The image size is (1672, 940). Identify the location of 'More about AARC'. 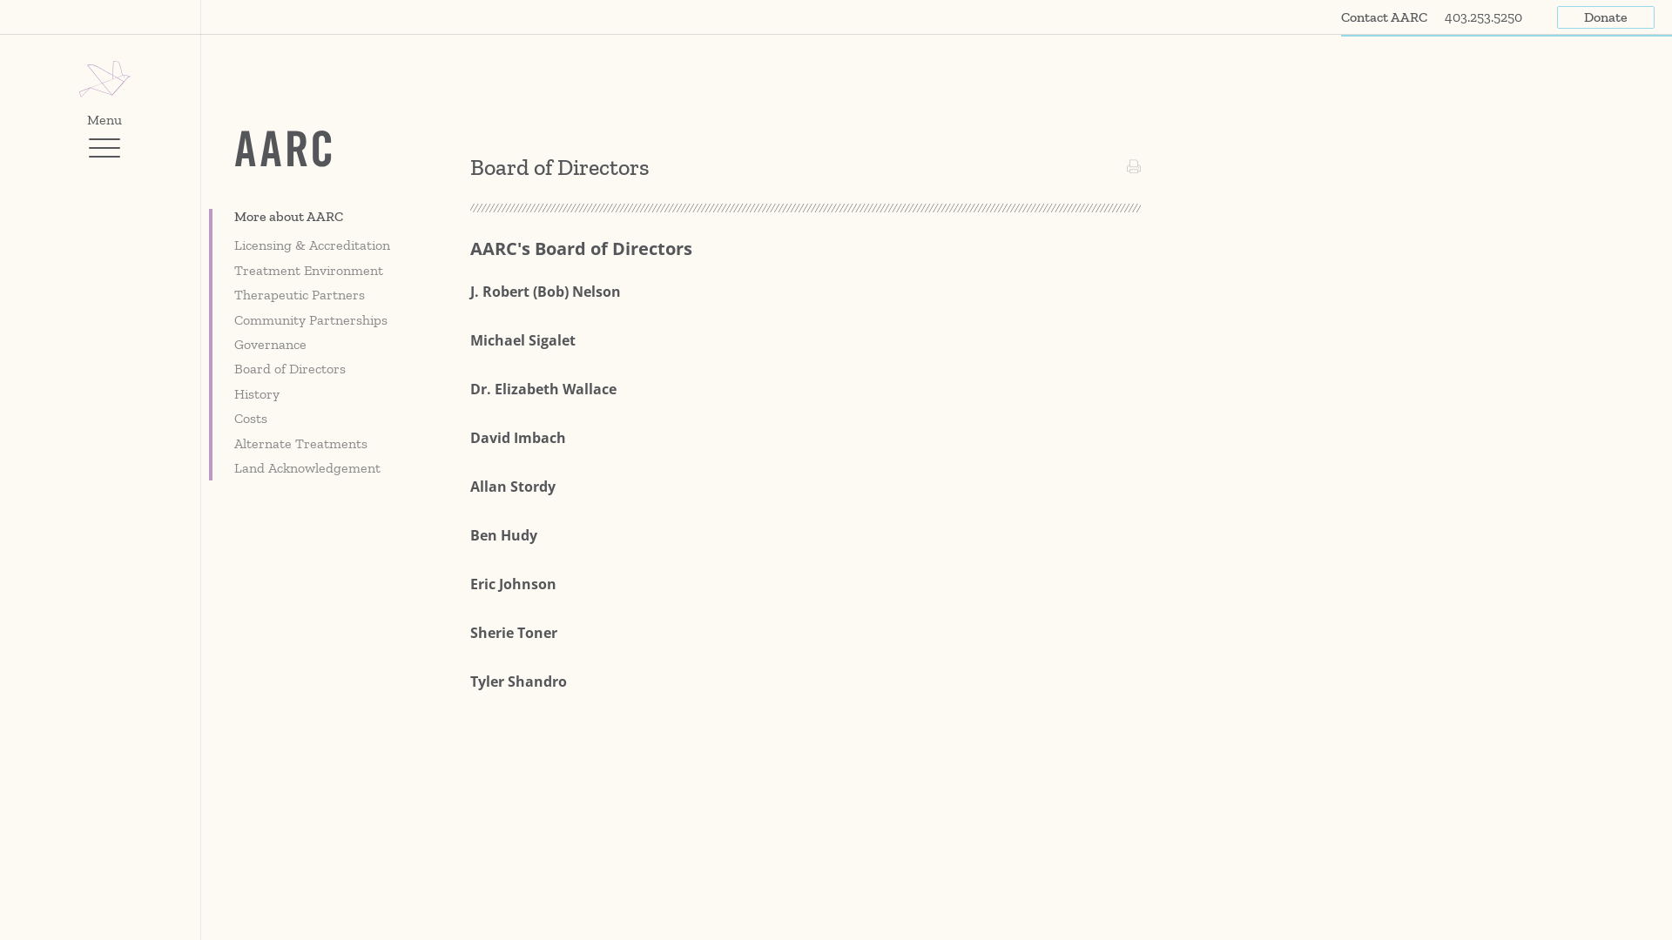
(326, 218).